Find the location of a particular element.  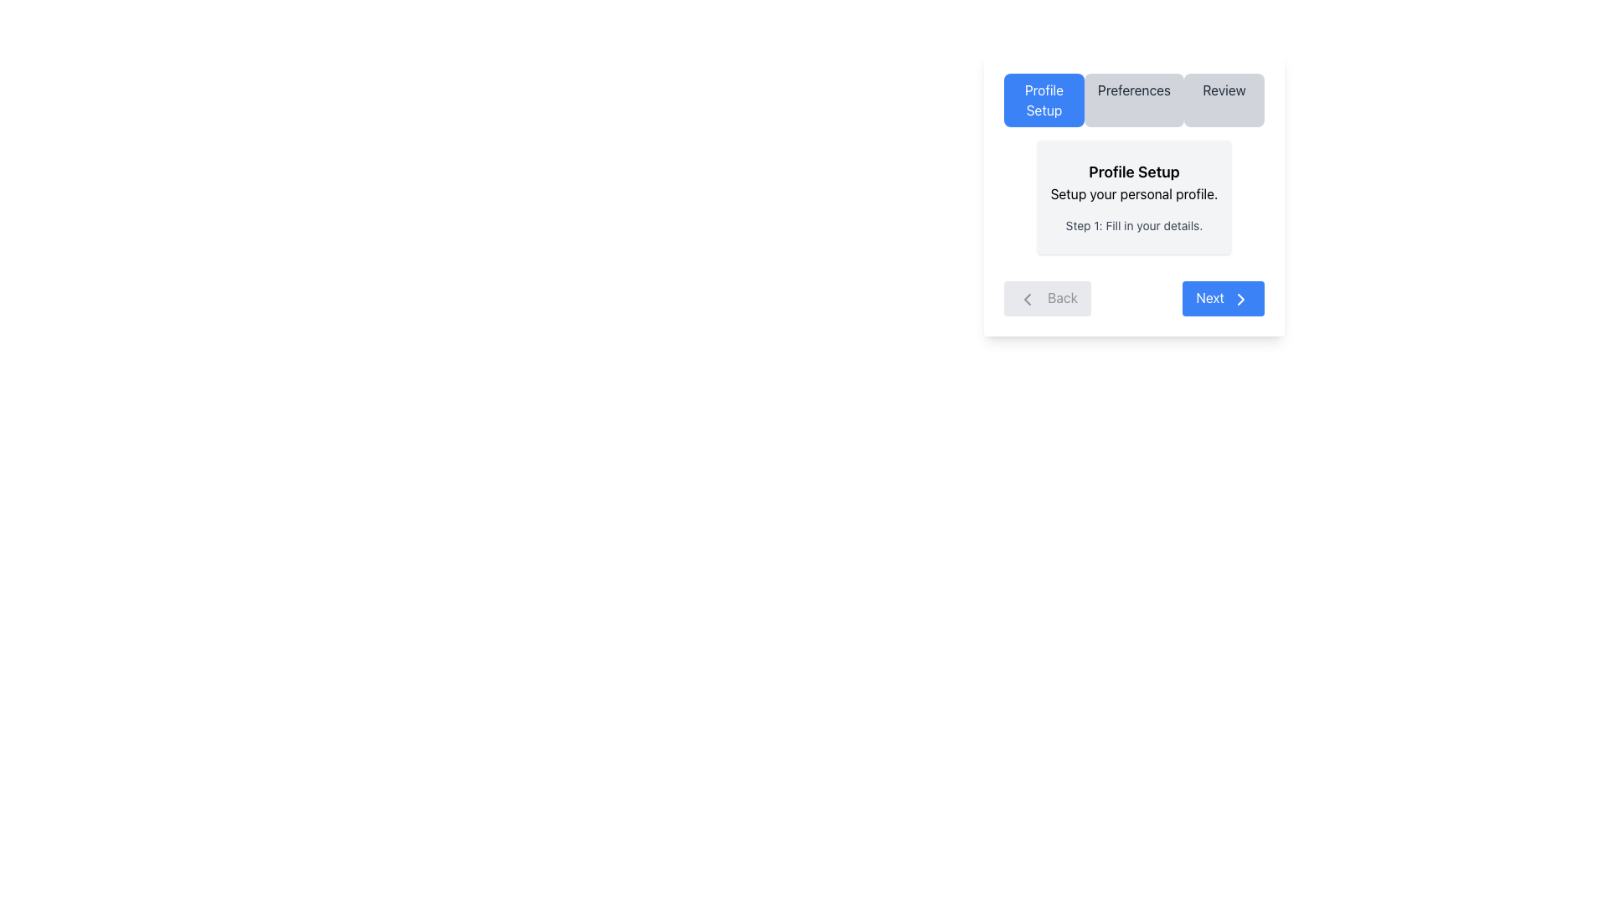

the minimalistic leftward-pointing chevron icon located inside the 'Back' button in the bottom left part of the card section is located at coordinates (1027, 298).